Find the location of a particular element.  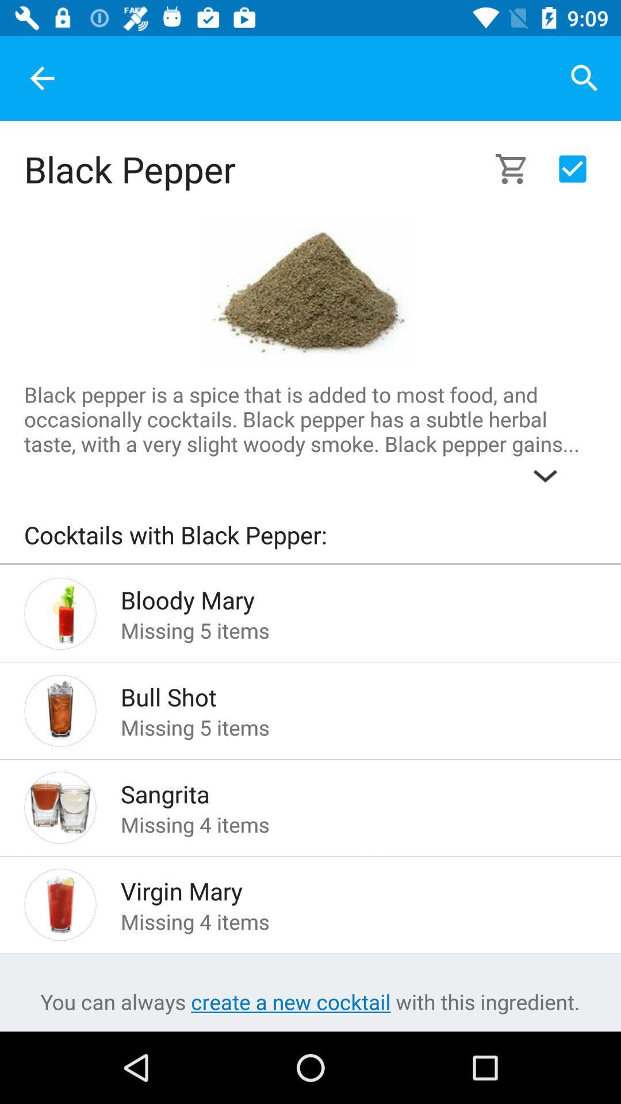

the icon above the missing 5 items icon is located at coordinates (340, 693).